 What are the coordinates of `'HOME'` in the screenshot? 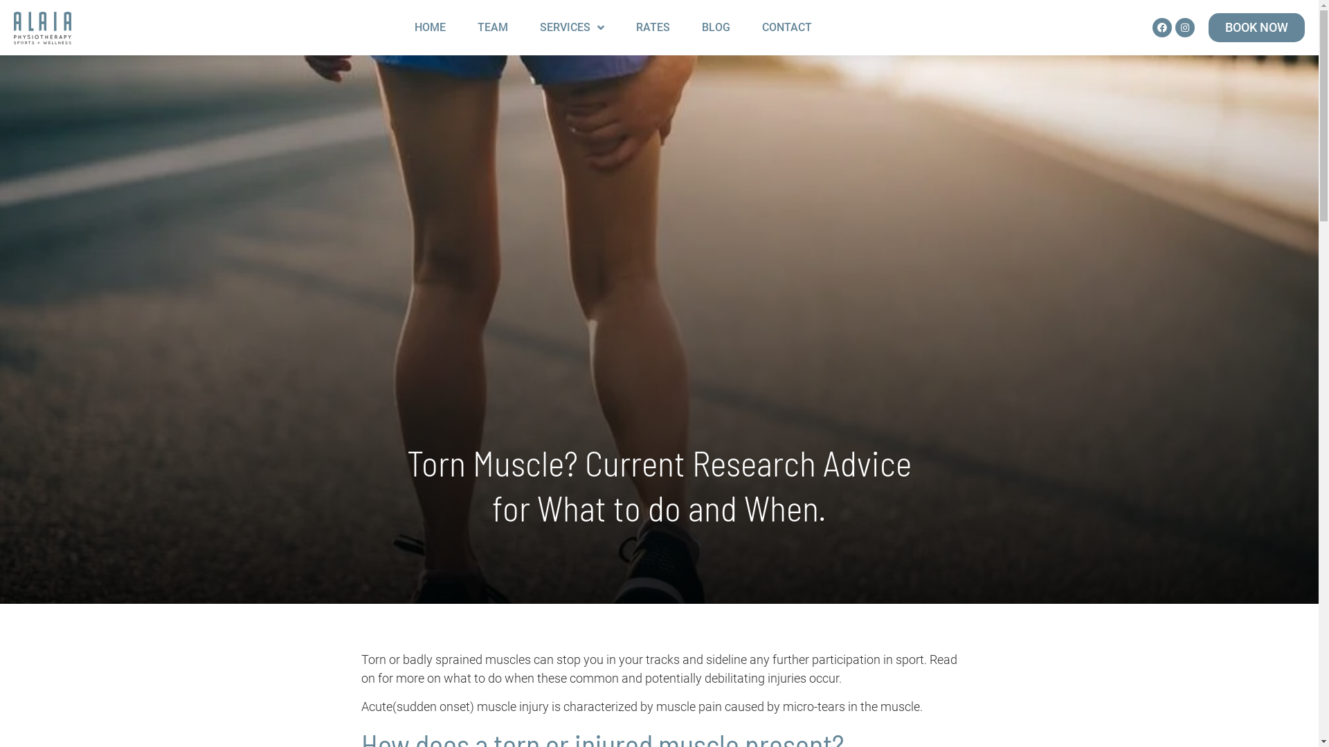 It's located at (429, 27).